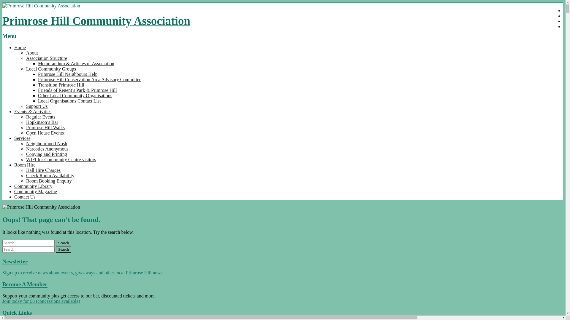 The height and width of the screenshot is (320, 570). I want to click on 'Check Room Availability', so click(50, 175).